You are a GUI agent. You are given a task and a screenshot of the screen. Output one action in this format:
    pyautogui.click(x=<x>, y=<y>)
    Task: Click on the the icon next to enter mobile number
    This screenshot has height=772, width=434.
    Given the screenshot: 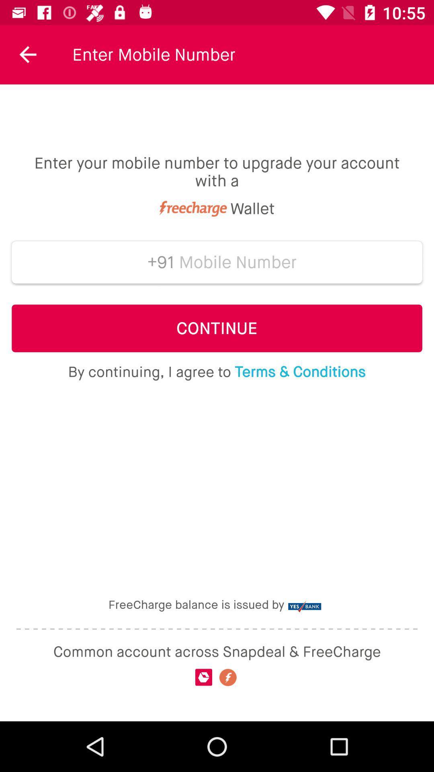 What is the action you would take?
    pyautogui.click(x=28, y=54)
    